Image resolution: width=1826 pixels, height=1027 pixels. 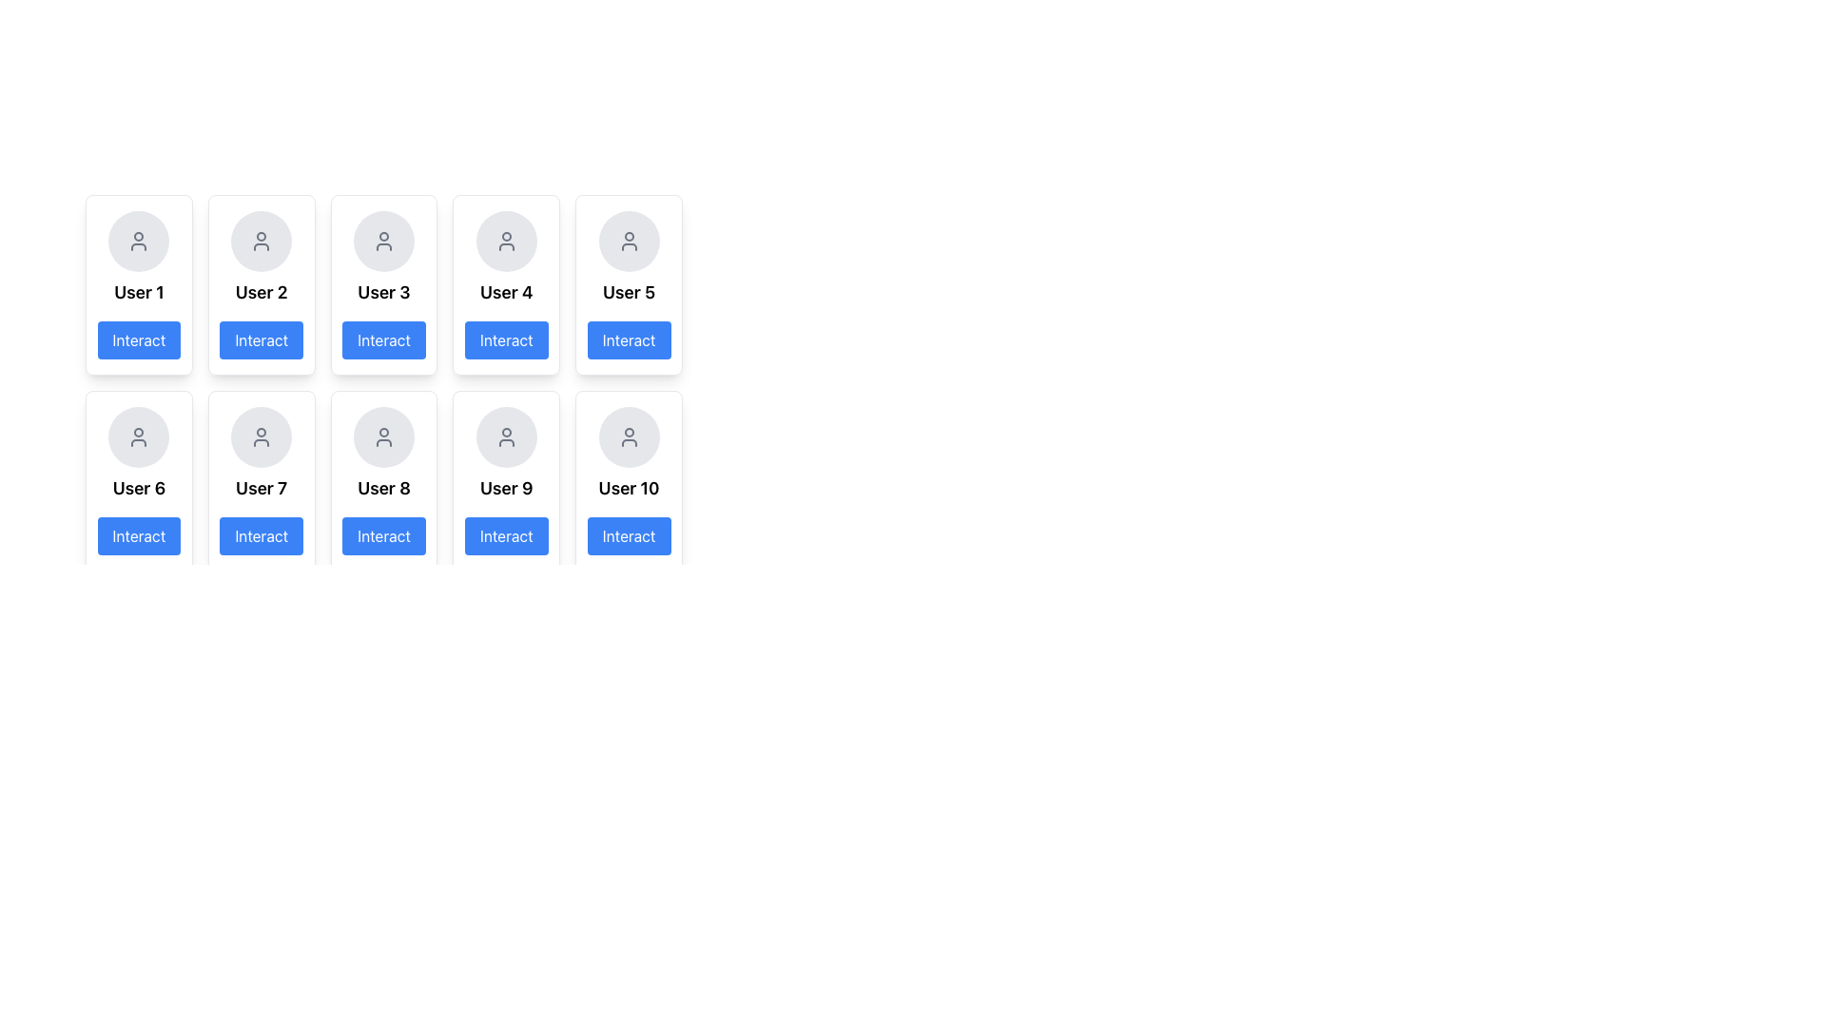 I want to click on the details of the user icon representing 'User 1', which is a circular gray icon depicting a user, located at the top-left corner of the user card, so click(x=138, y=241).